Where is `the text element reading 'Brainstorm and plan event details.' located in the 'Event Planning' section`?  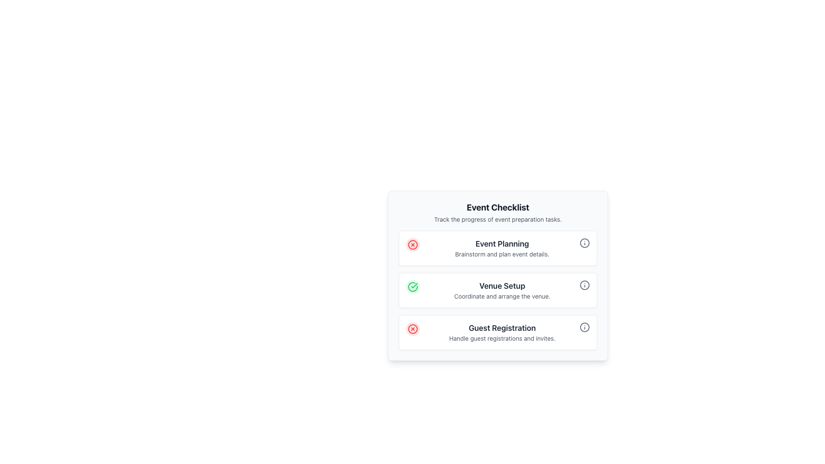
the text element reading 'Brainstorm and plan event details.' located in the 'Event Planning' section is located at coordinates (502, 253).